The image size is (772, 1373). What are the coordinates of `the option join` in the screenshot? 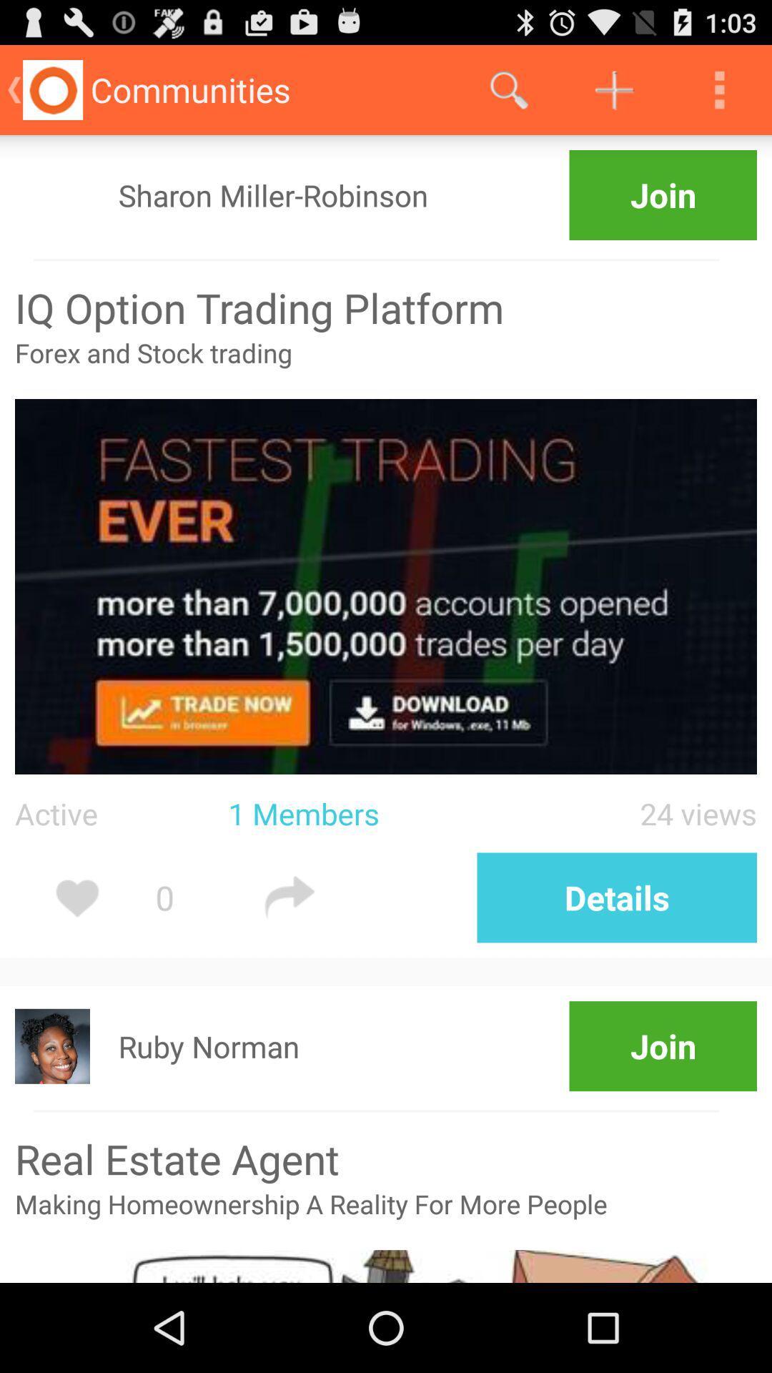 It's located at (663, 195).